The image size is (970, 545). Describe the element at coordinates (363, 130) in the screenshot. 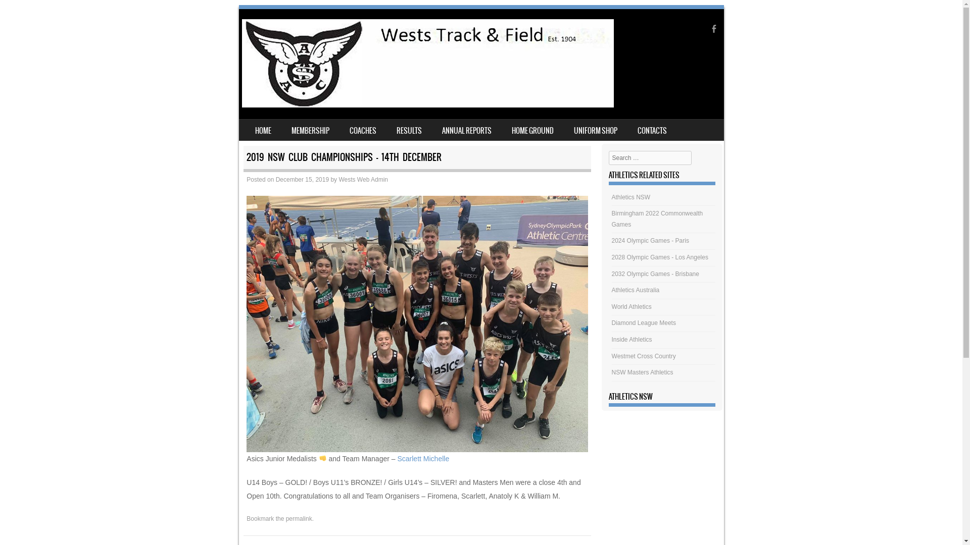

I see `'COACHES'` at that location.